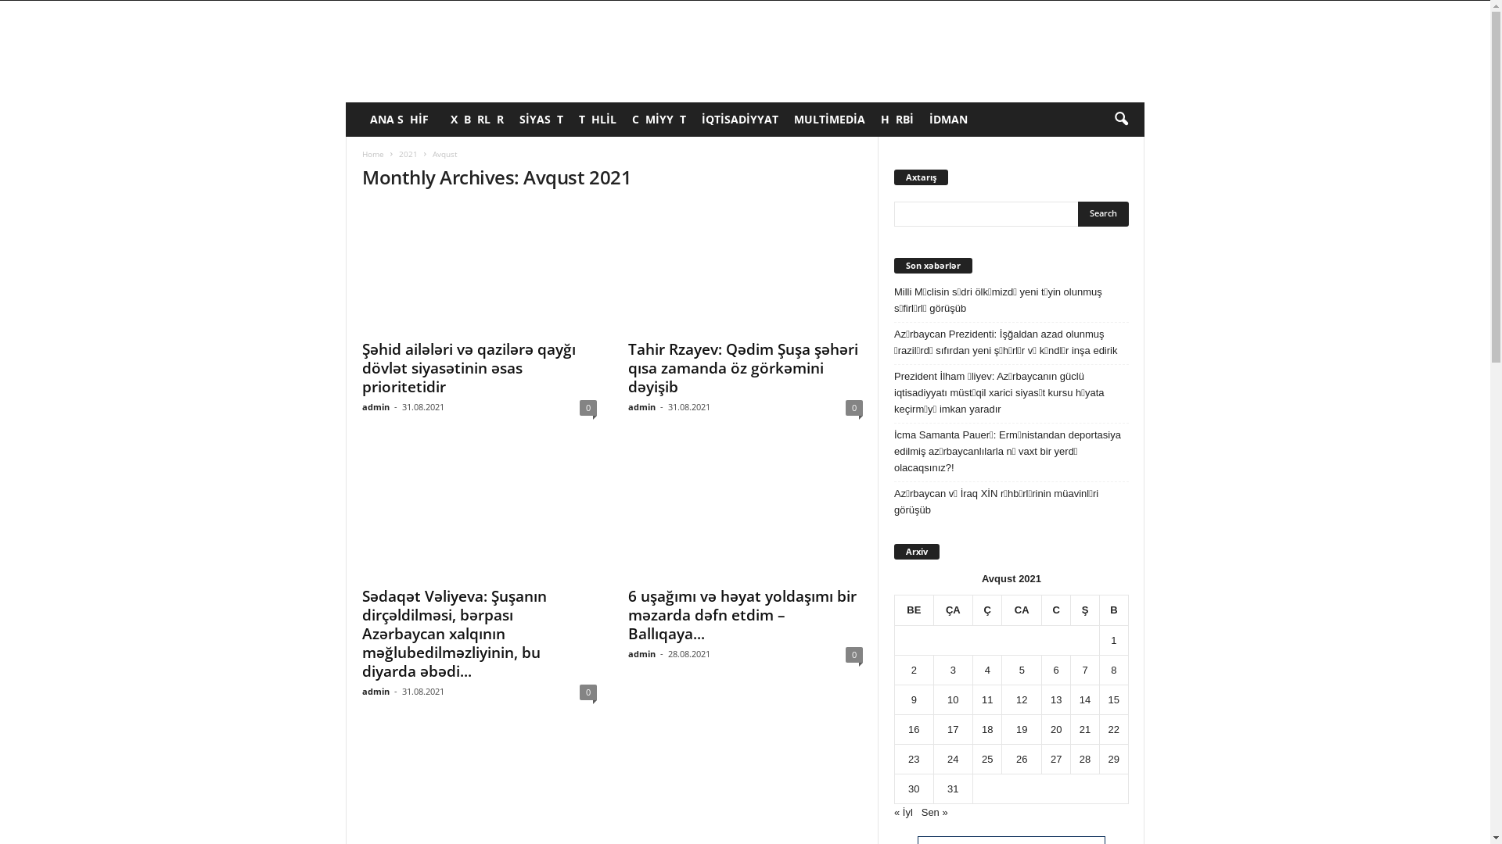 The height and width of the screenshot is (844, 1502). Describe the element at coordinates (986, 758) in the screenshot. I see `'25'` at that location.